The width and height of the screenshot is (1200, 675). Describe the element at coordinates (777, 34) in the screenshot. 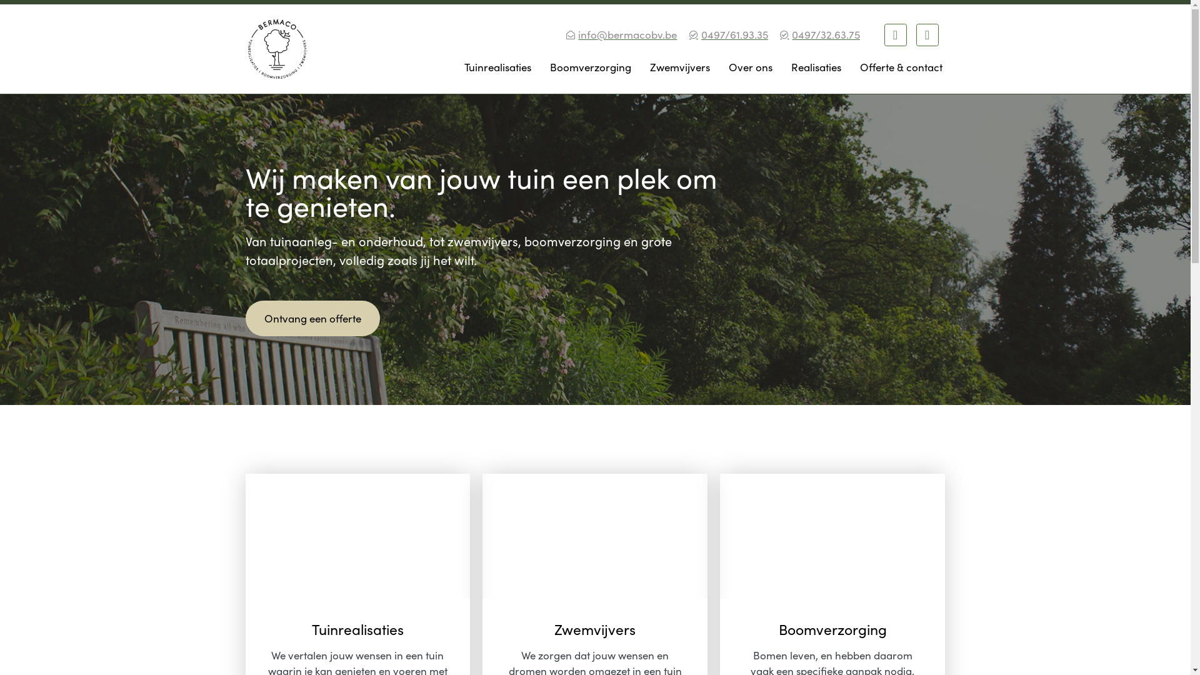

I see `'0497/32.63.75'` at that location.